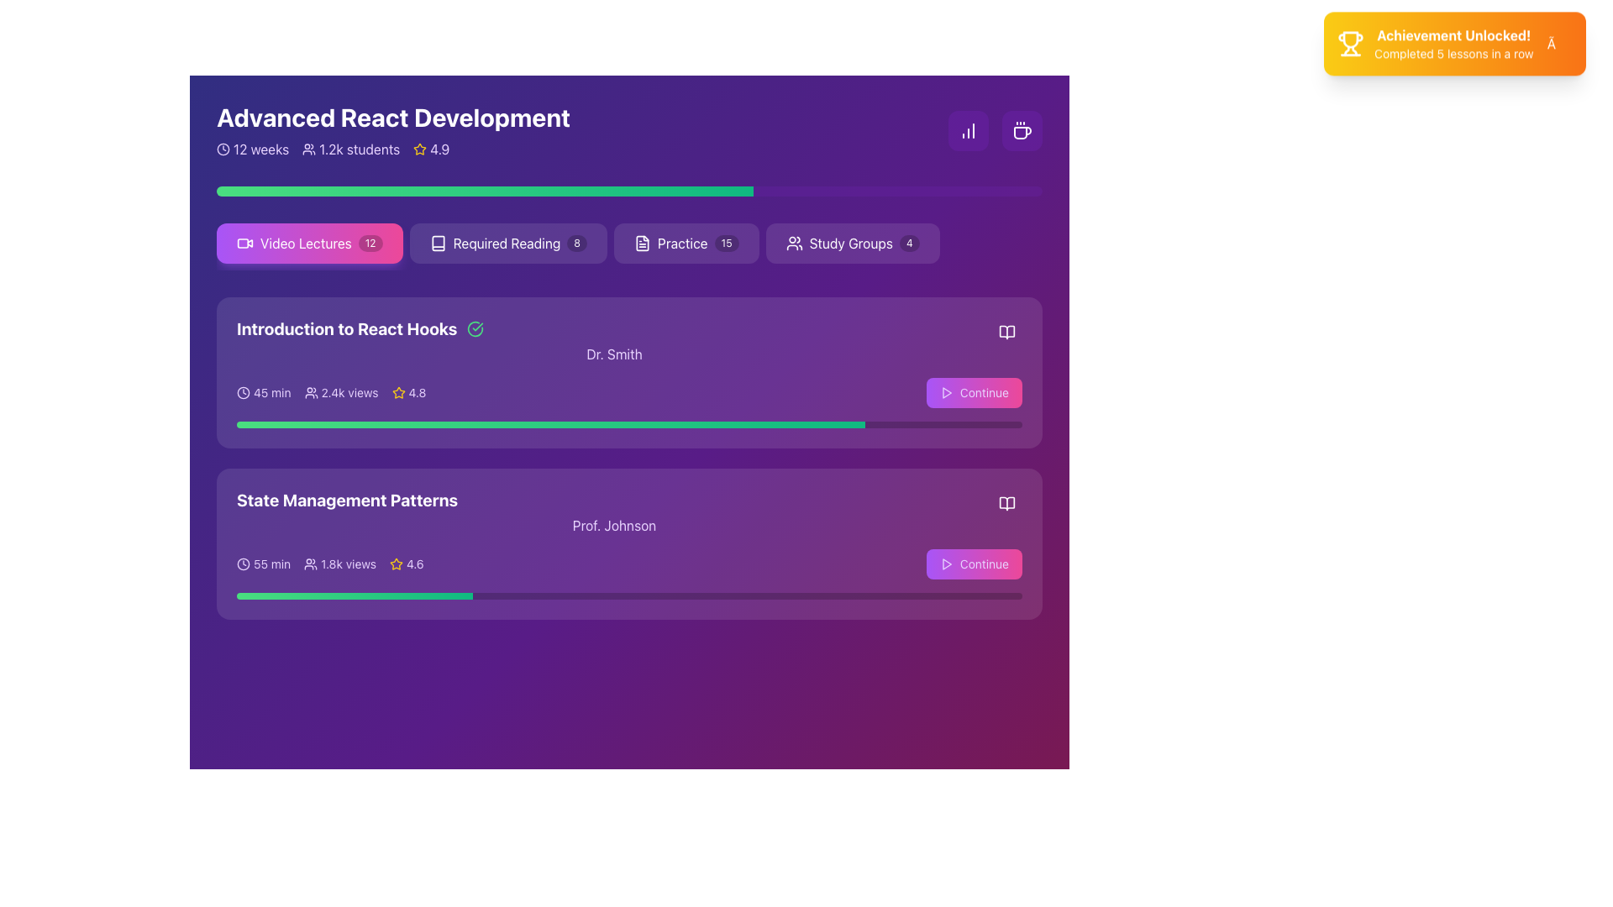  I want to click on the SVG coffee cup icon located in the top-right corner of the interface, so click(1022, 132).